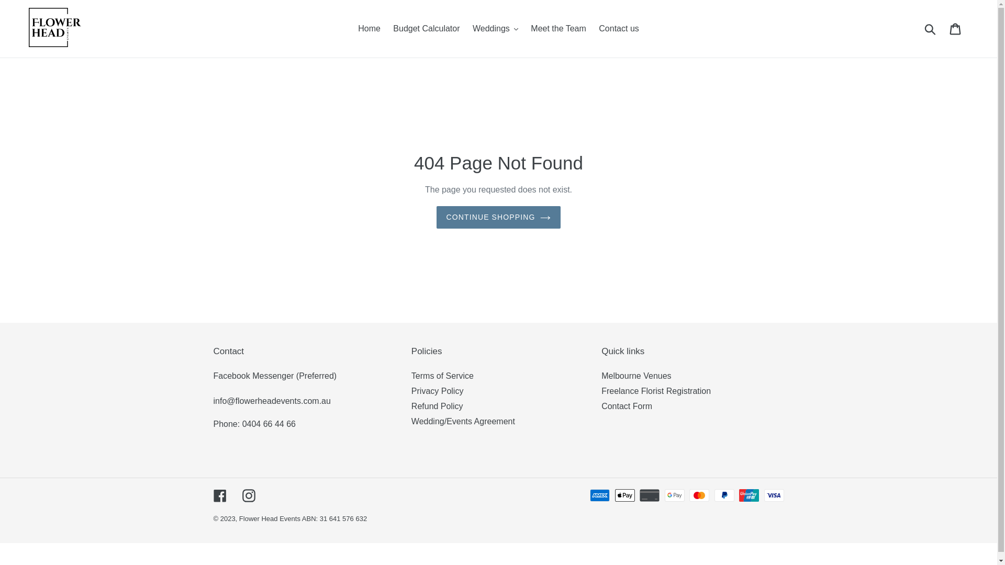 Image resolution: width=1005 pixels, height=565 pixels. What do you see at coordinates (275, 375) in the screenshot?
I see `'Facebook Messenger (Preferred)'` at bounding box center [275, 375].